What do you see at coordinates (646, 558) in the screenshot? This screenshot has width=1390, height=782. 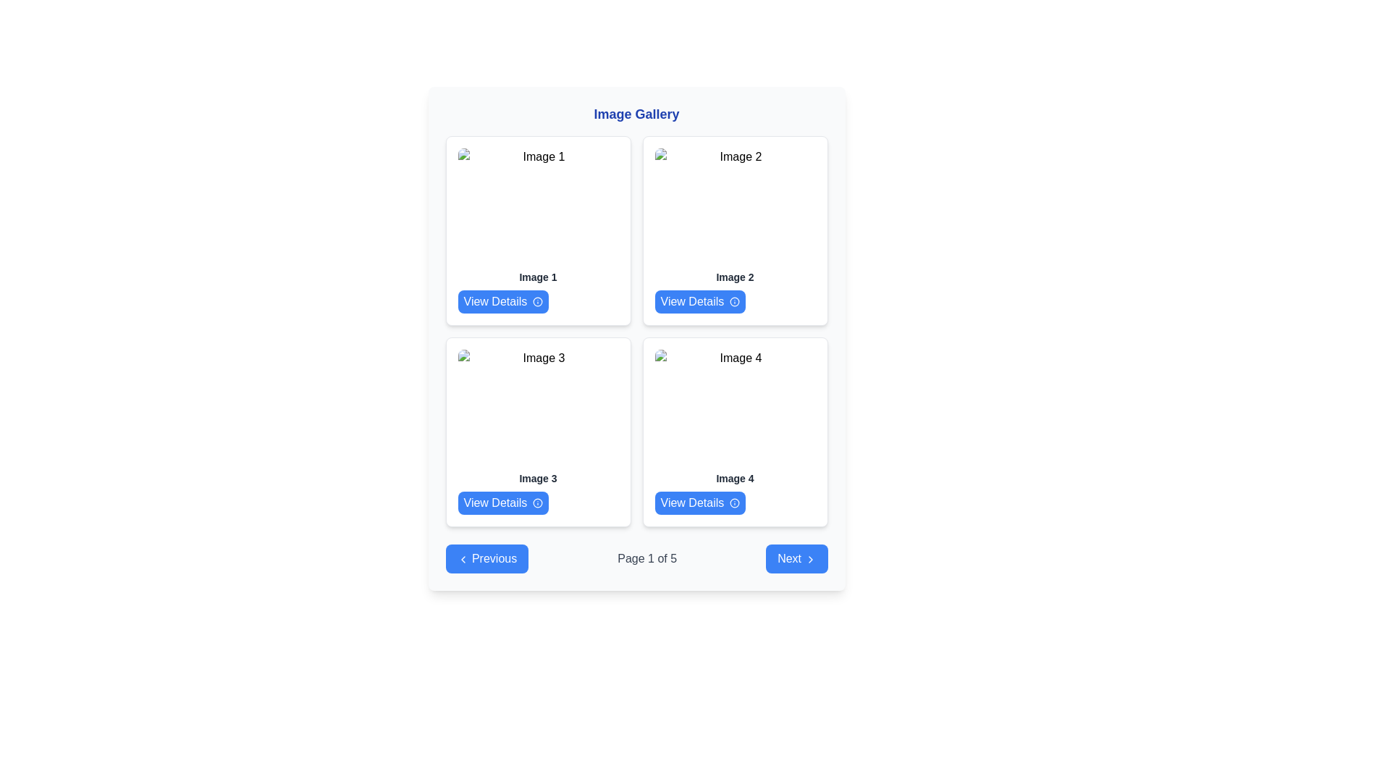 I see `the Text label that displays the current page index and total number of pages in the gallery, located centrally in the pagination control area between the 'Previous' and 'Next' buttons` at bounding box center [646, 558].